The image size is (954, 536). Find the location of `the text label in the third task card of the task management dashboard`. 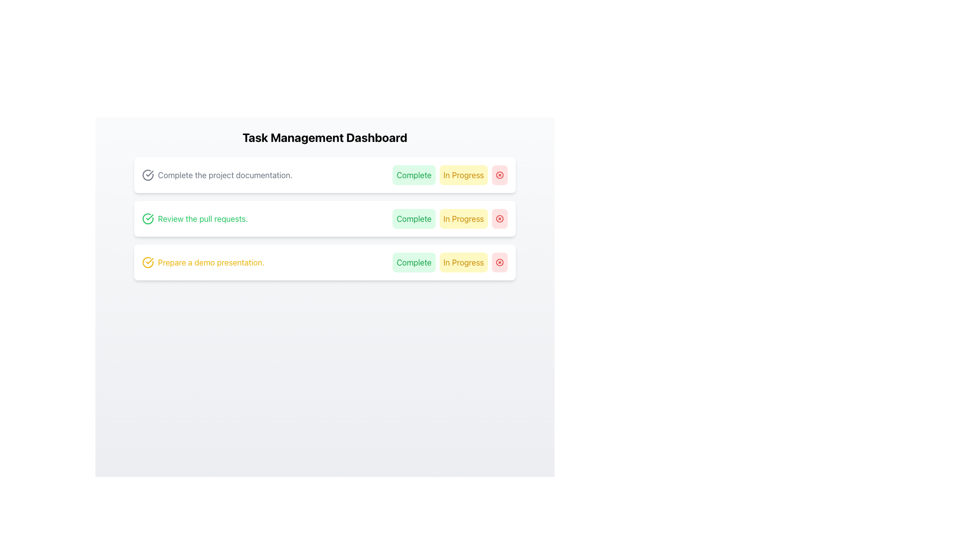

the text label in the third task card of the task management dashboard is located at coordinates (203, 262).